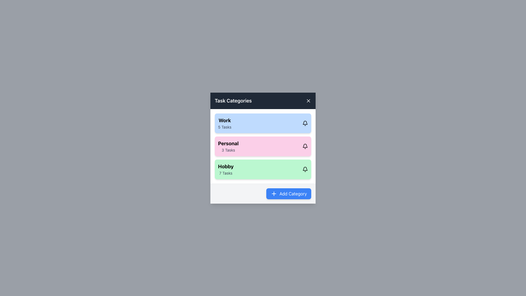 This screenshot has height=296, width=526. I want to click on the 'Work' category text display at the top of the list, so click(225, 123).